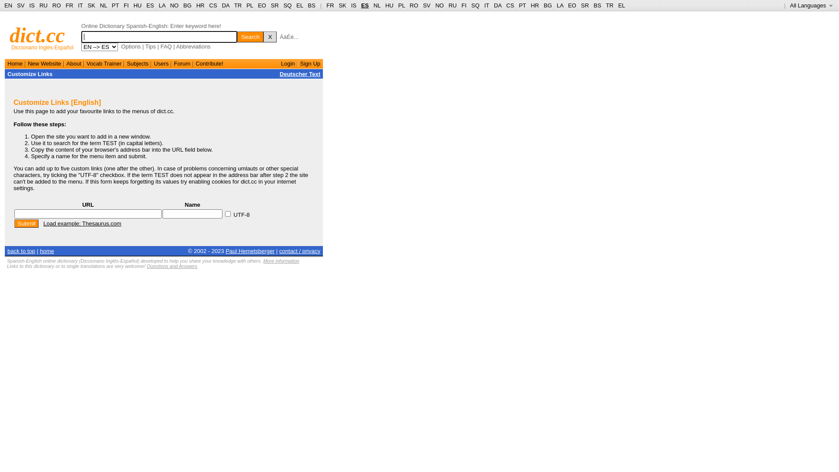  I want to click on 'NO', so click(435, 5).